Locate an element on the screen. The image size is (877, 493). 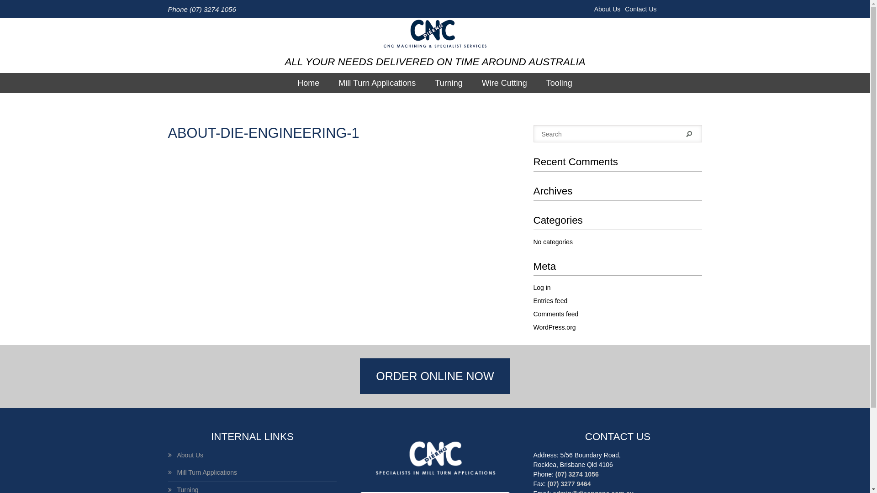
'(07) 3277 9464' is located at coordinates (569, 483).